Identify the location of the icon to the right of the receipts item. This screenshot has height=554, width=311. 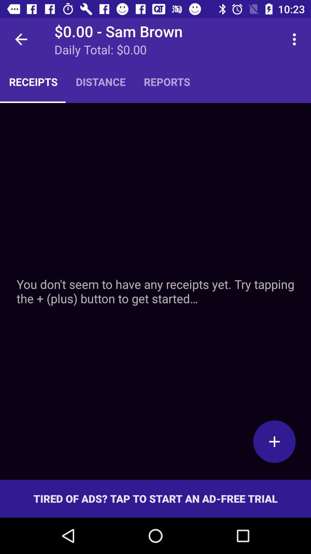
(100, 81).